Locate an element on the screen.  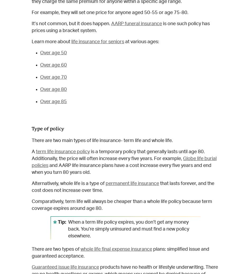
'and AARP life insurance plans have a cost increase every five years and end when you turn 80 years old.' is located at coordinates (121, 169).